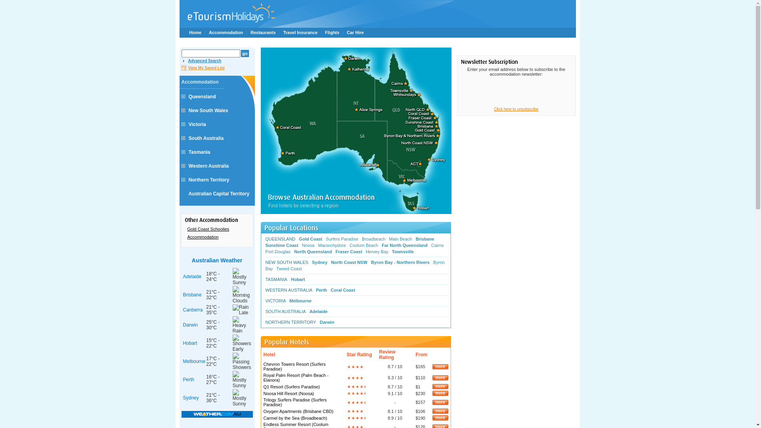  Describe the element at coordinates (206, 138) in the screenshot. I see `'South Australia'` at that location.